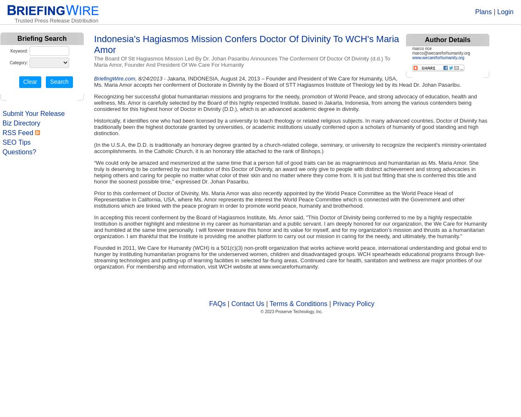  I want to click on 'Plans', so click(483, 12).